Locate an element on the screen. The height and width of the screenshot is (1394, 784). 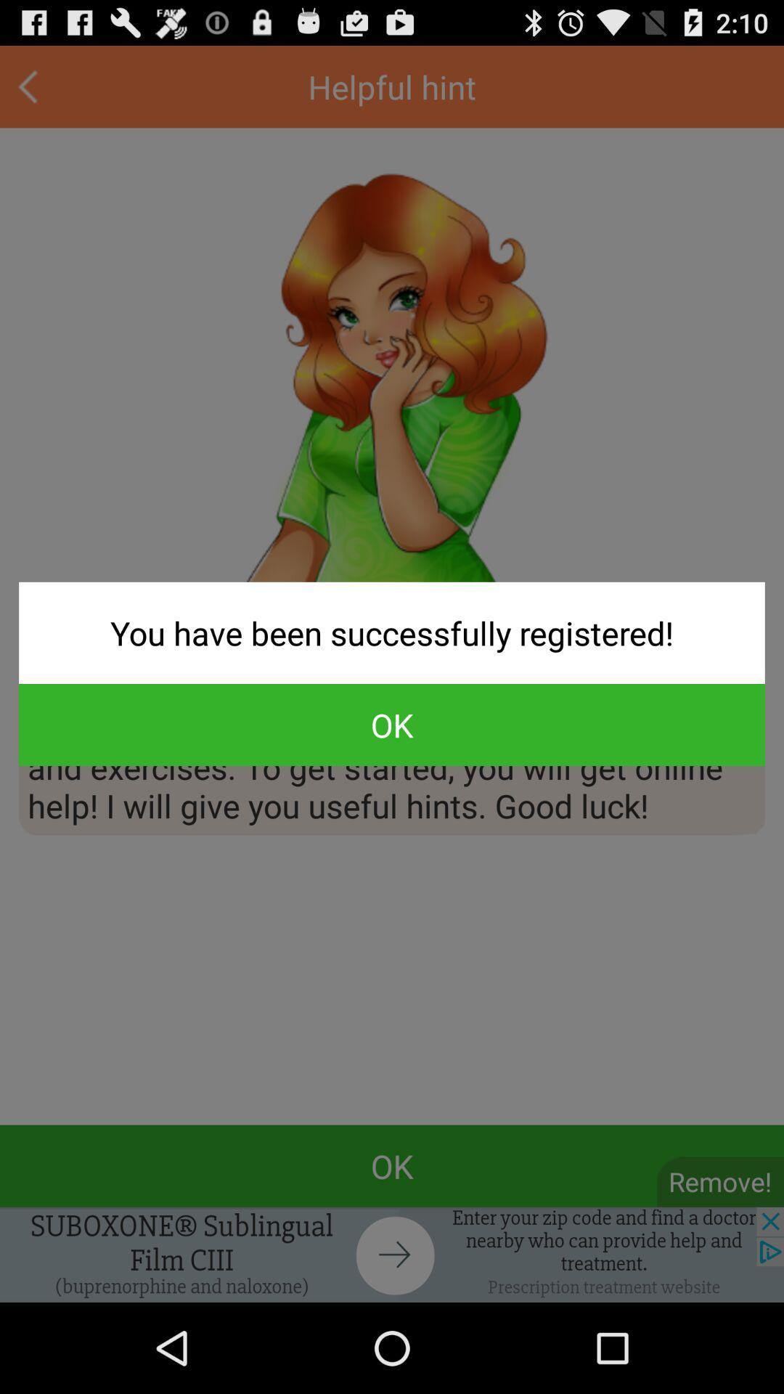
the item below the you have been item is located at coordinates (392, 725).